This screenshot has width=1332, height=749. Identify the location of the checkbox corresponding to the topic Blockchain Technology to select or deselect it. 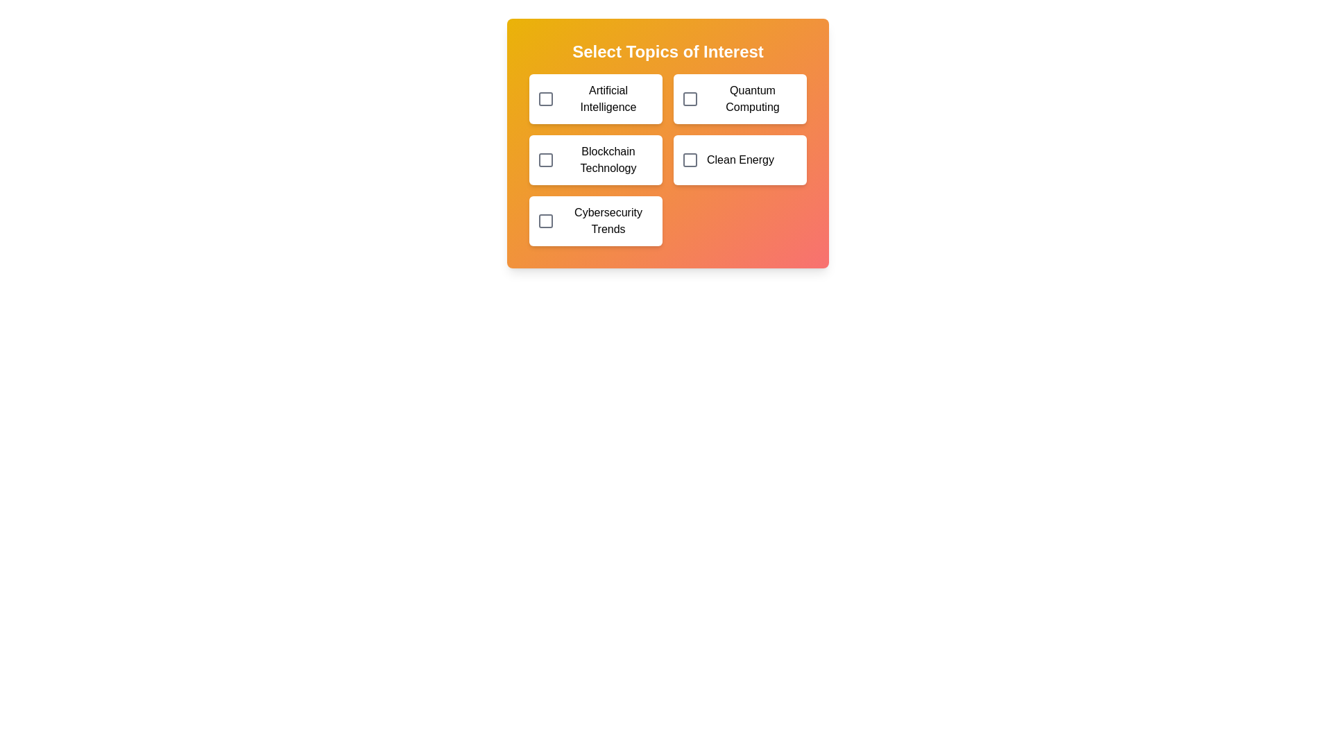
(545, 160).